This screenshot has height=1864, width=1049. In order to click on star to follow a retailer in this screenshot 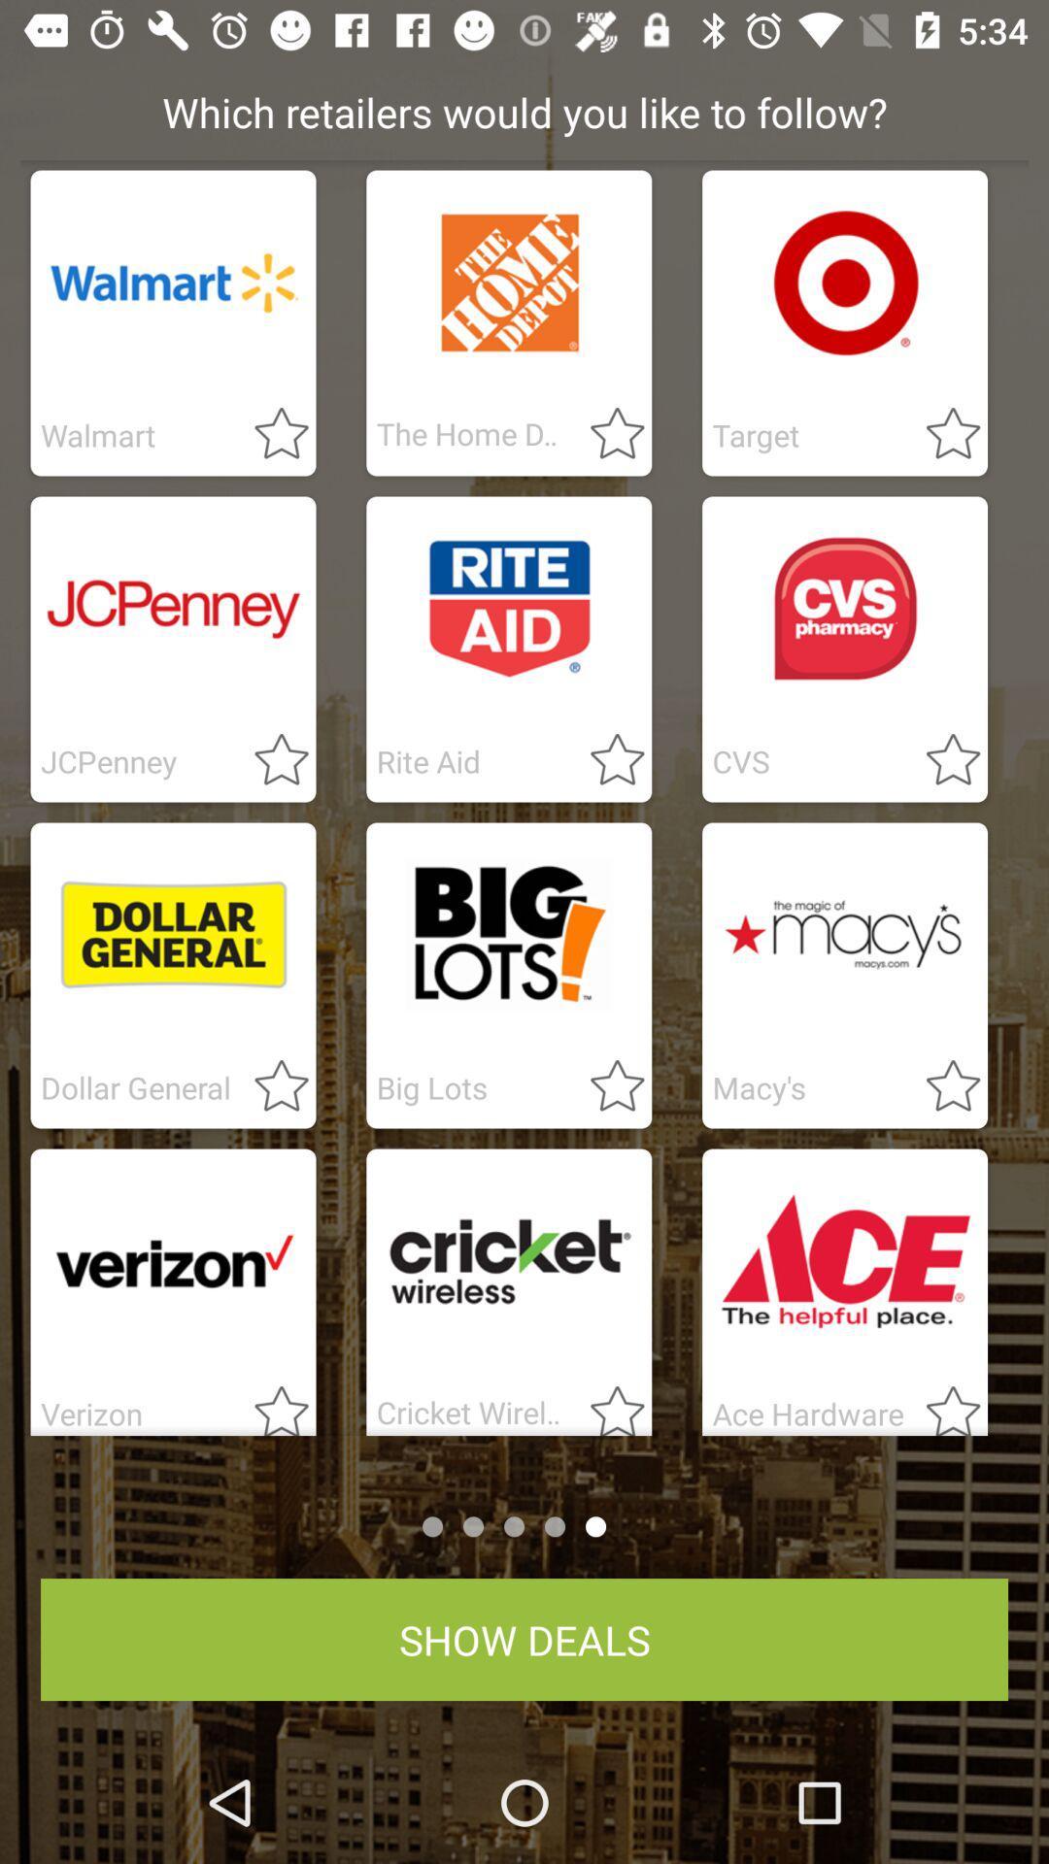, I will do `click(605, 1087)`.